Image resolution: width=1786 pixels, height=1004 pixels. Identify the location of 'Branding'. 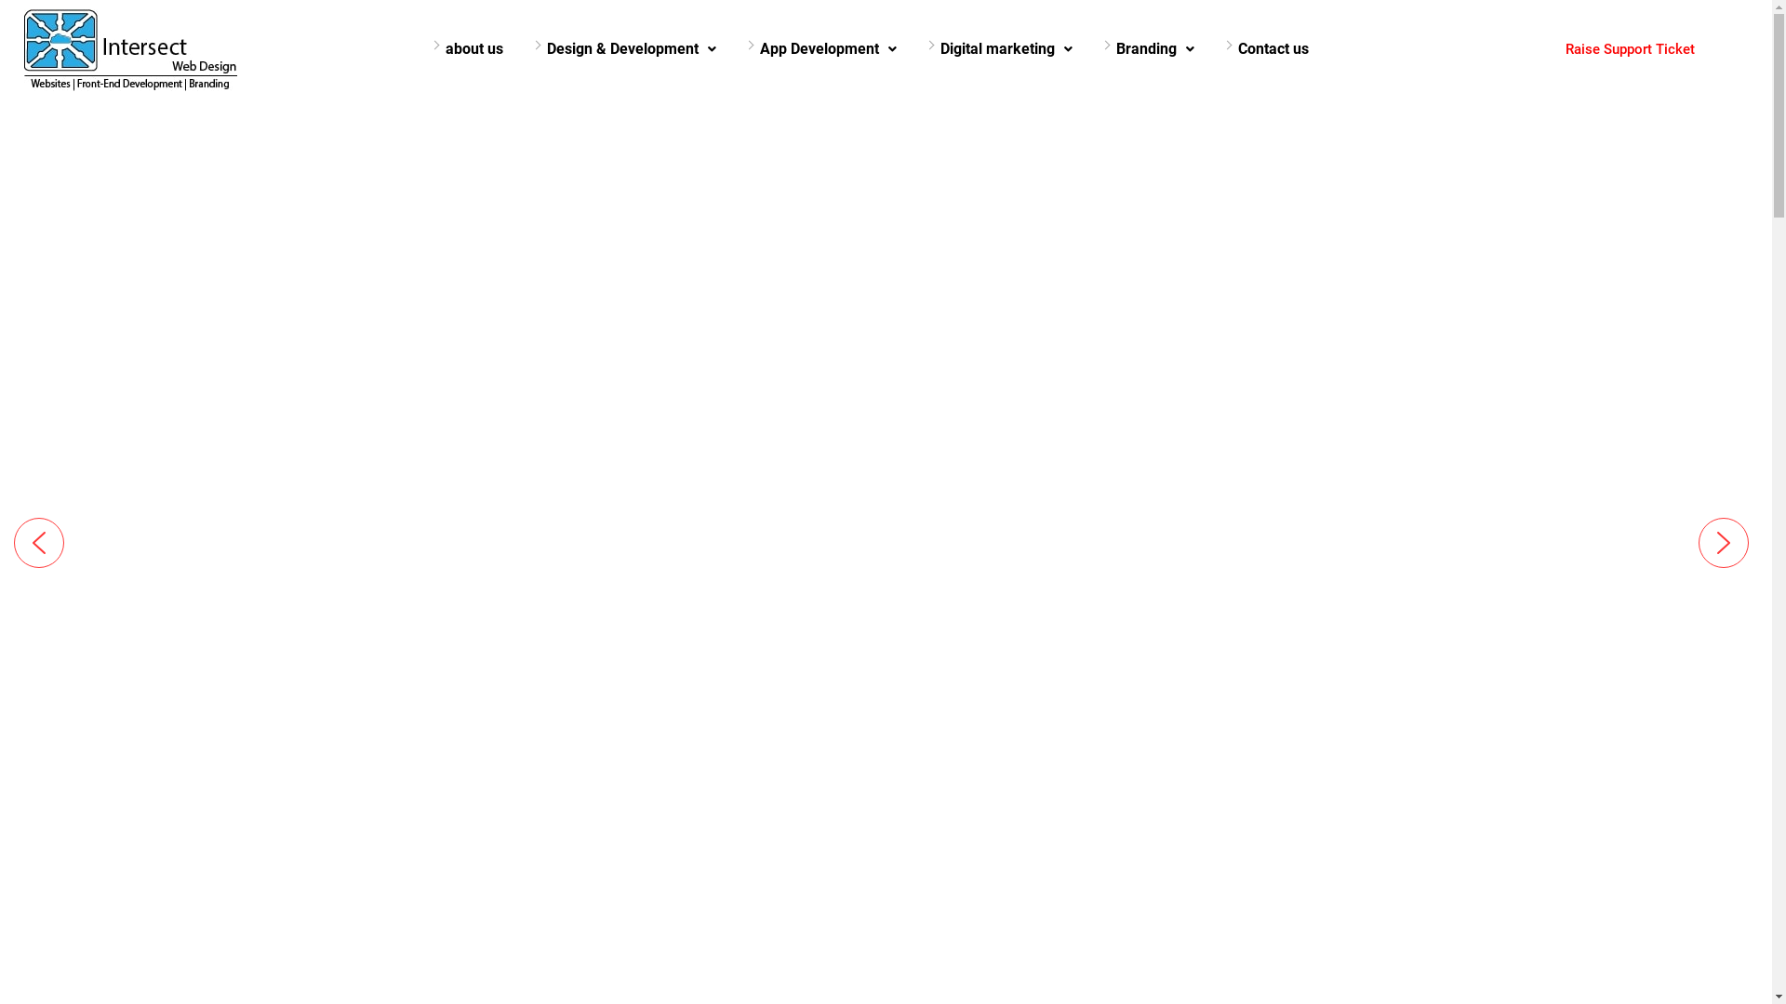
(1154, 48).